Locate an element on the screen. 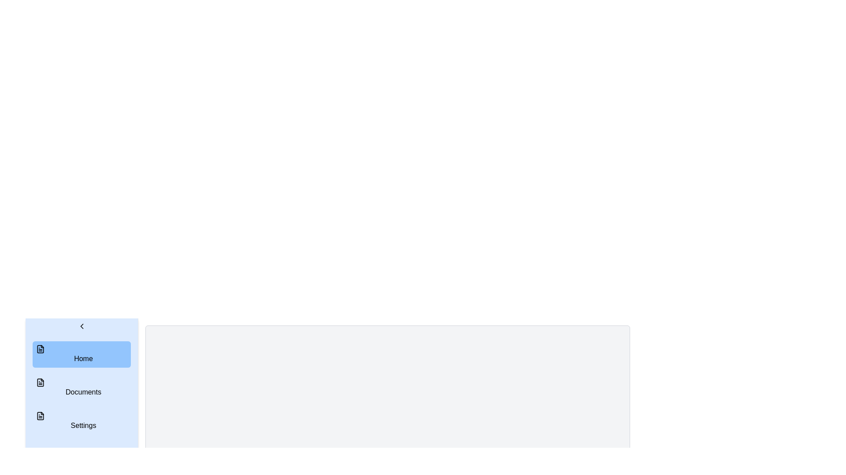 The height and width of the screenshot is (475, 846). the document icon resembling a text content is located at coordinates (40, 416).